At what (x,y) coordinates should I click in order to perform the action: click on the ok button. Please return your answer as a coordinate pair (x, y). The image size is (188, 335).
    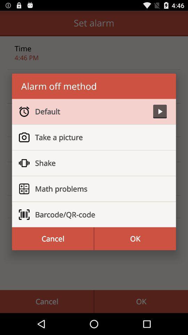
    Looking at the image, I should click on (135, 239).